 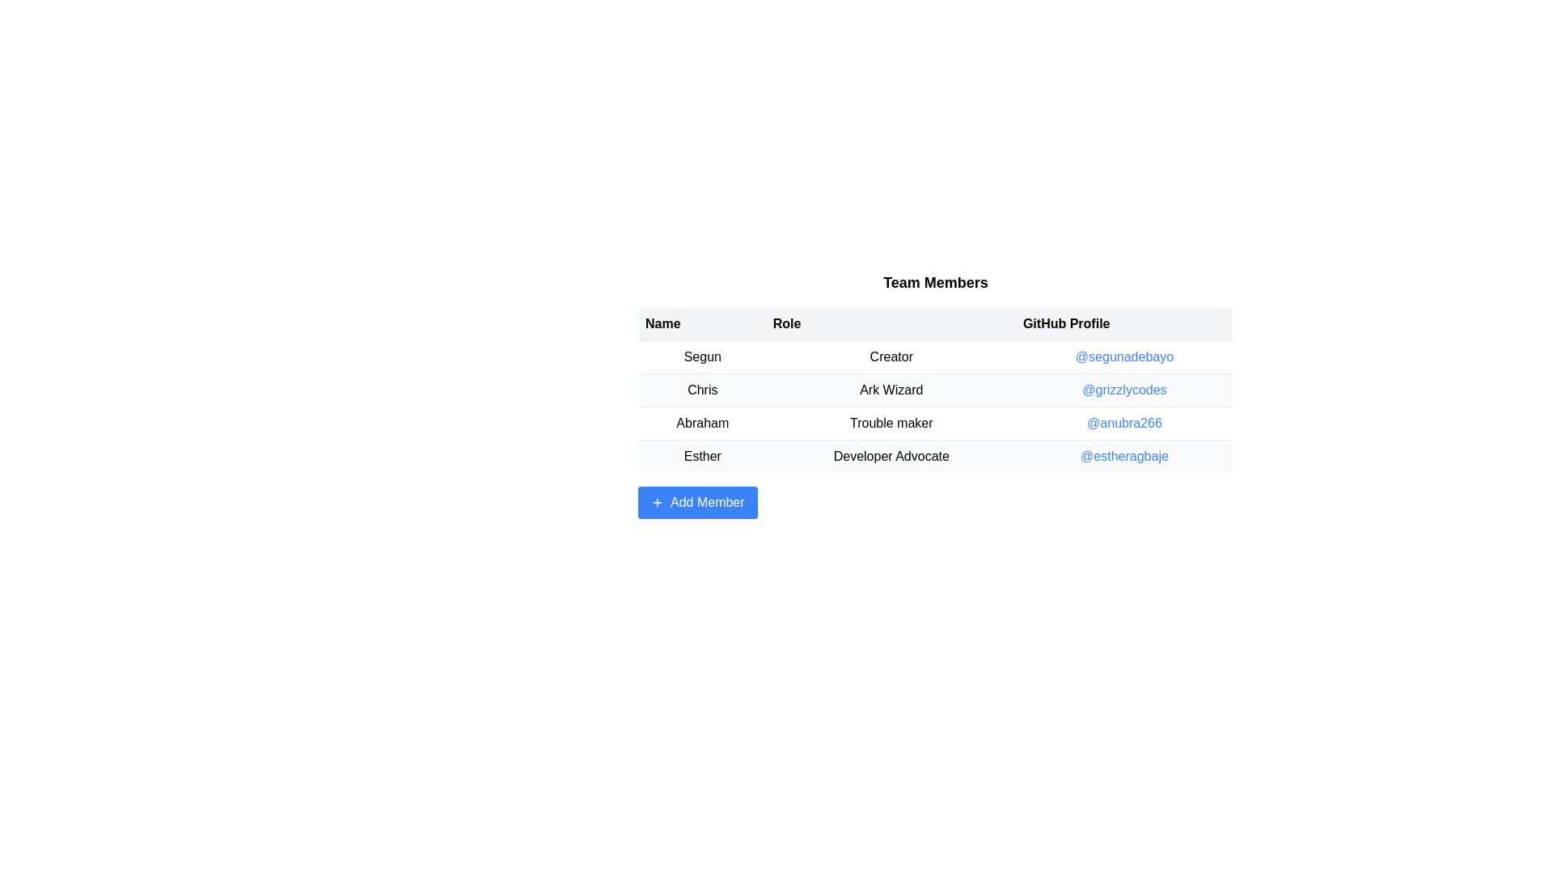 What do you see at coordinates (1123, 390) in the screenshot?
I see `the hyperlink '@grizzlycodes' styled in blue, located in the GitHub Profile column under the 'Team Members' heading, specifically the third entry aligned with 'Chris Ark Wizard'` at bounding box center [1123, 390].